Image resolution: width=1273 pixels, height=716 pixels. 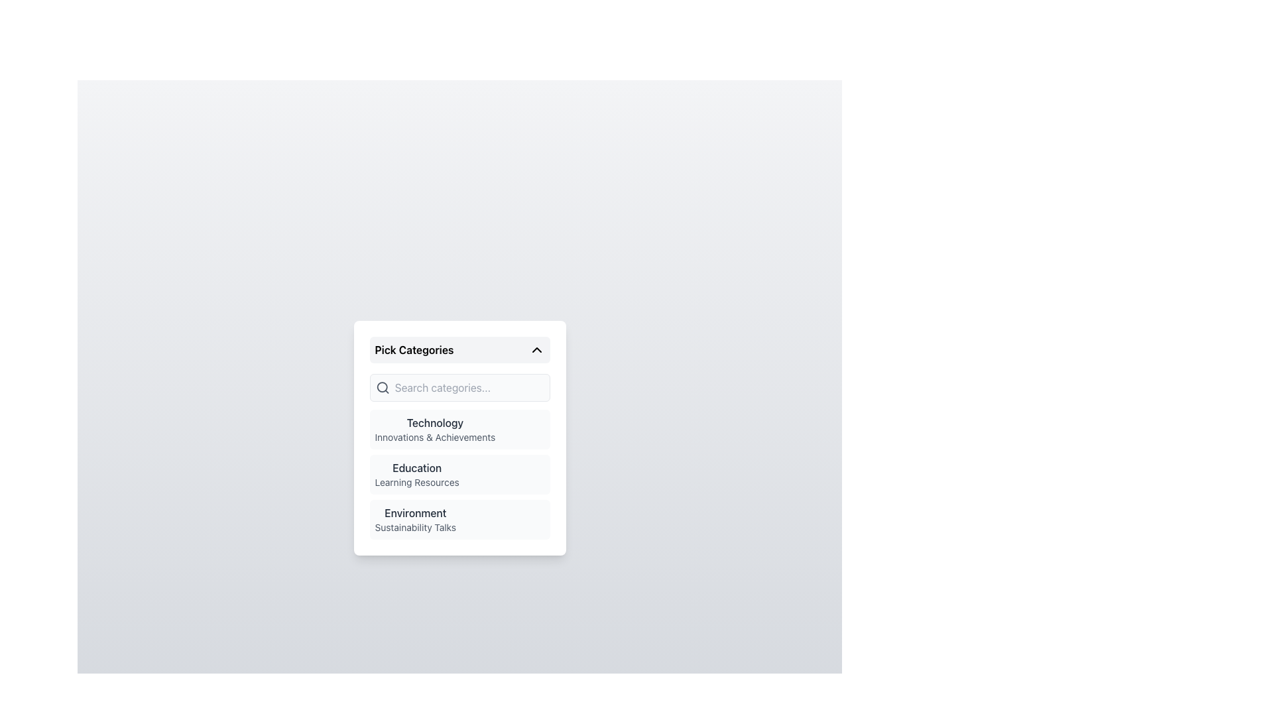 What do you see at coordinates (414, 518) in the screenshot?
I see `the 'Environment' text label with the subtitle 'Sustainability Talks'` at bounding box center [414, 518].